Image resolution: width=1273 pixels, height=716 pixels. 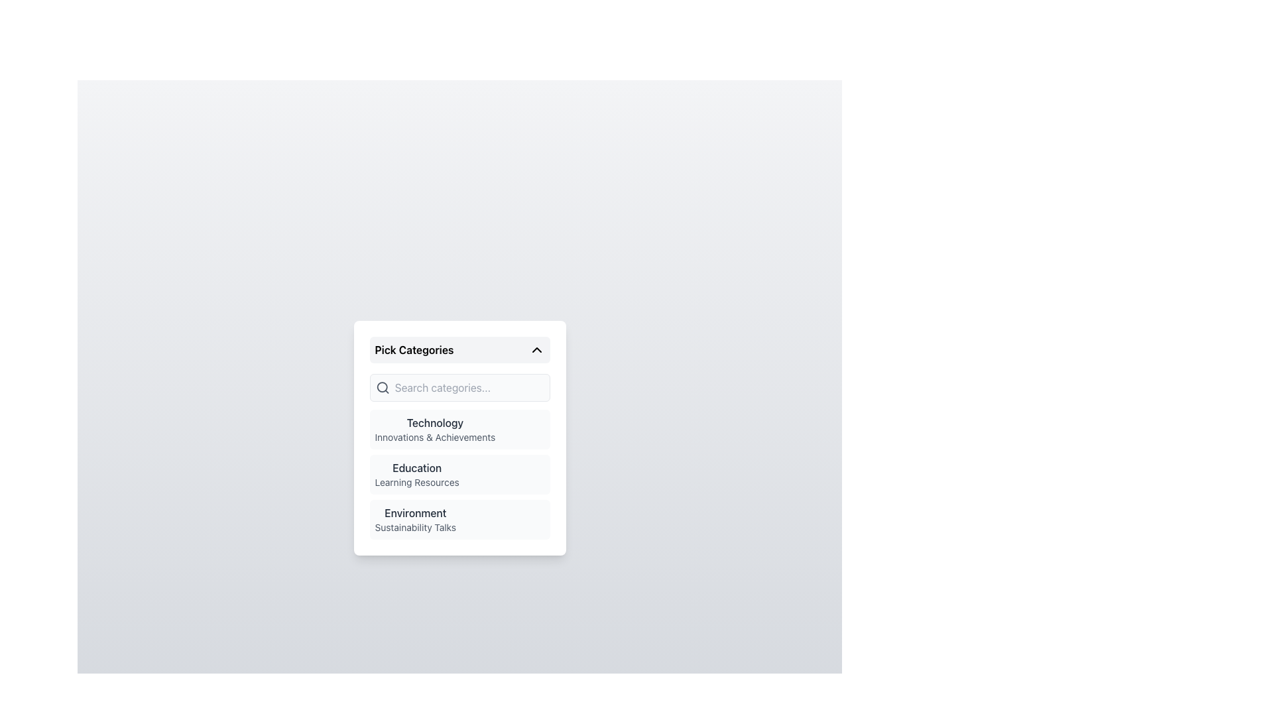 What do you see at coordinates (414, 518) in the screenshot?
I see `the 'Environment' text label with the subtitle 'Sustainability Talks'` at bounding box center [414, 518].